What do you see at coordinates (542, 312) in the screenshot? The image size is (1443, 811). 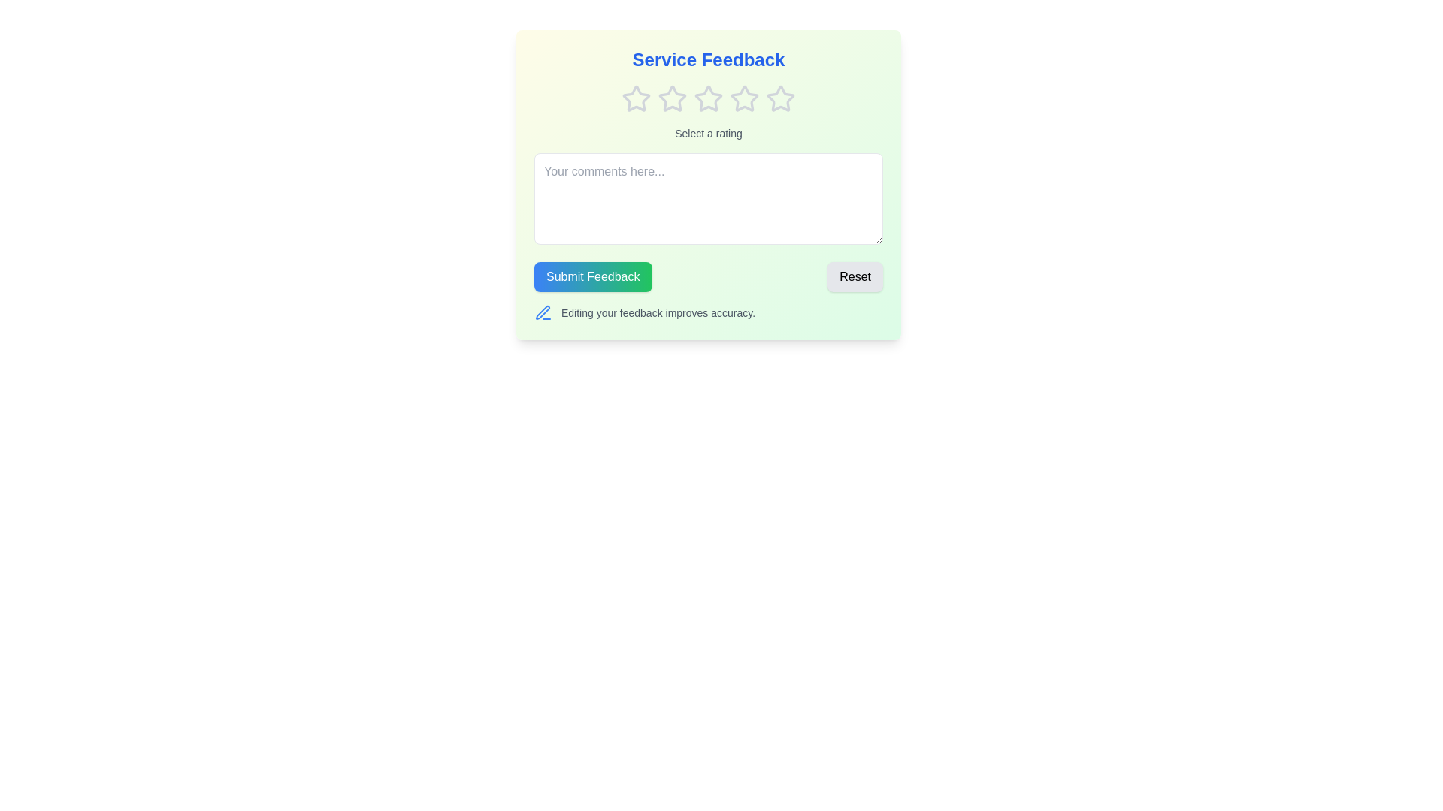 I see `the blue pen icon located at the bottom left section of the service feedback card interface` at bounding box center [542, 312].